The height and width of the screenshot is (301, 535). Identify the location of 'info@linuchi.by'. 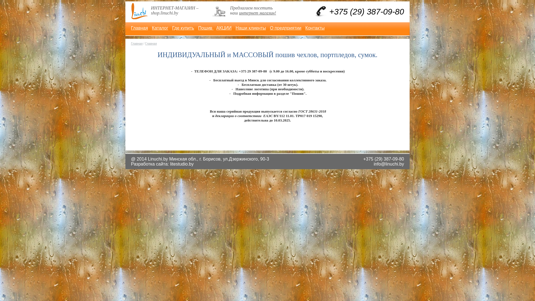
(388, 164).